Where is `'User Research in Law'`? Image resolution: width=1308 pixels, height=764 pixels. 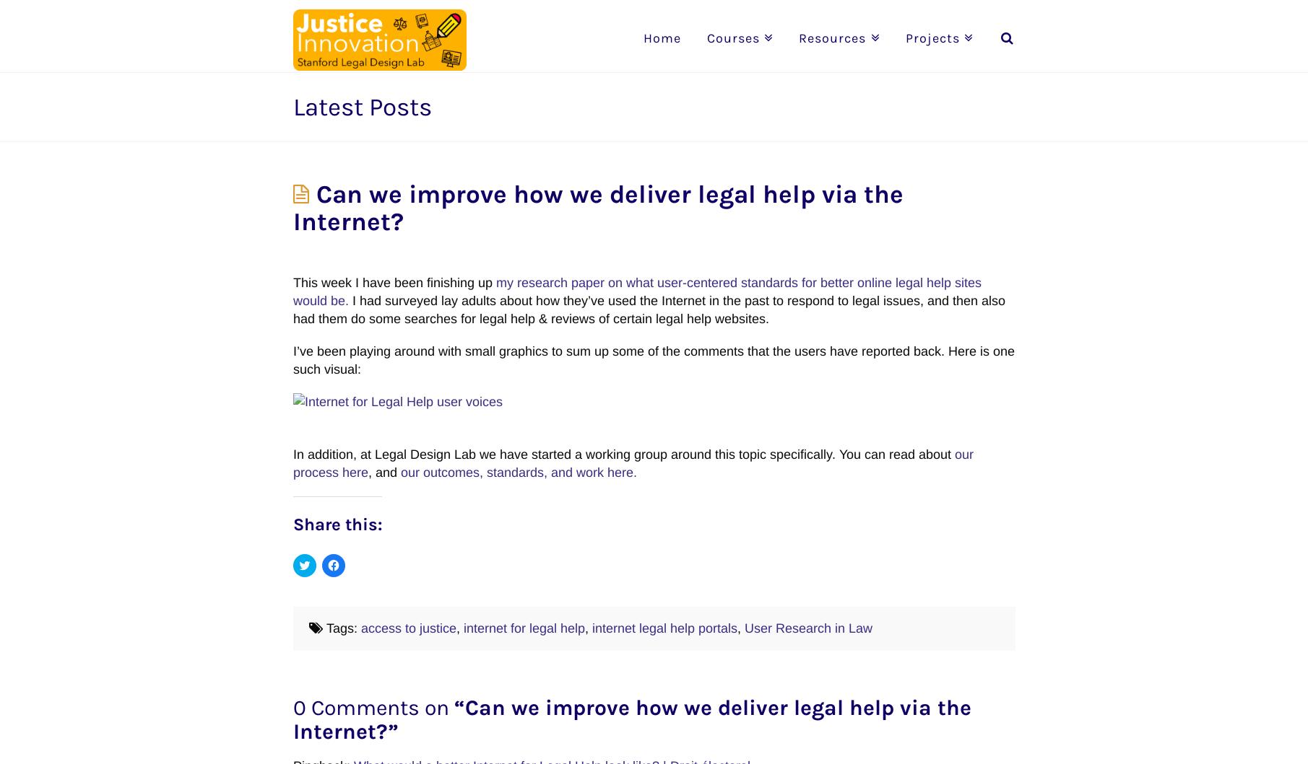
'User Research in Law' is located at coordinates (745, 627).